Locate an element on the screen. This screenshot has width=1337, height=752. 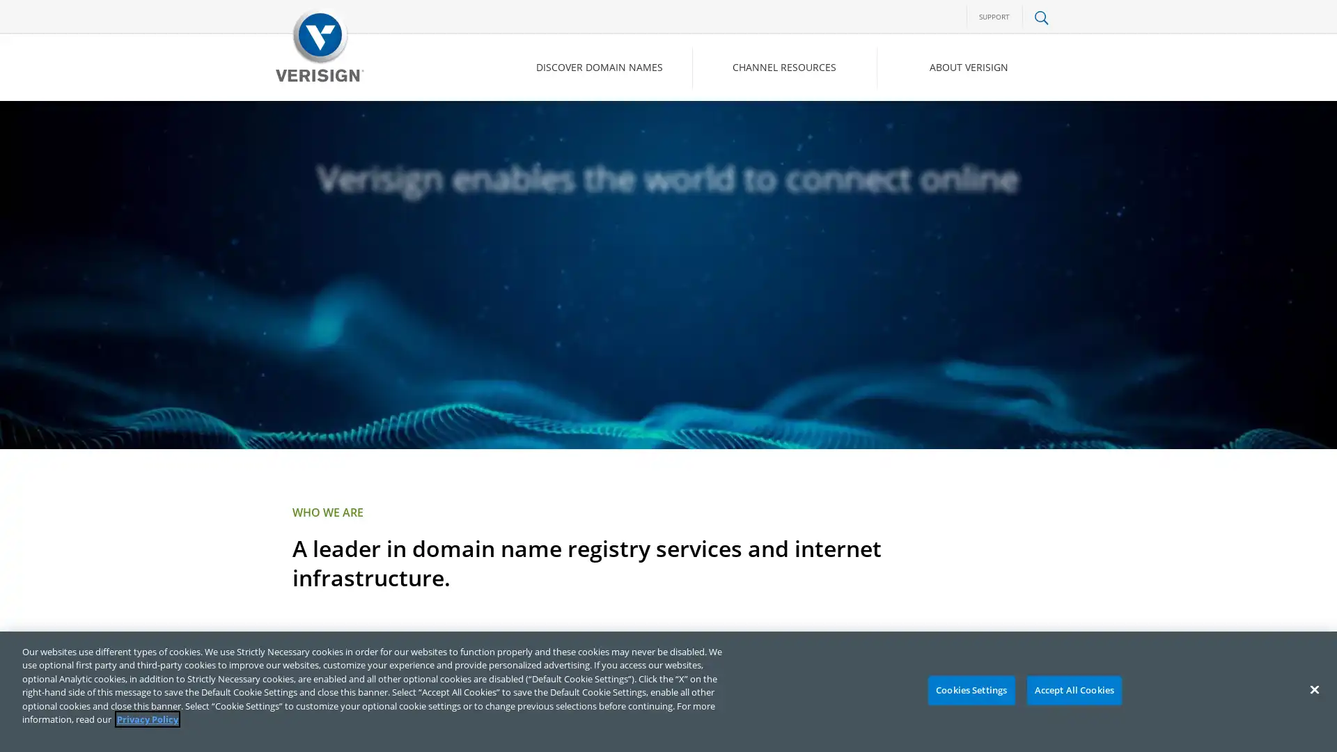
Close is located at coordinates (1313, 689).